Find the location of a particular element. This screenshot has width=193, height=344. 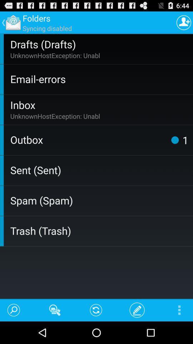

the app below trash (trash) app is located at coordinates (54, 310).